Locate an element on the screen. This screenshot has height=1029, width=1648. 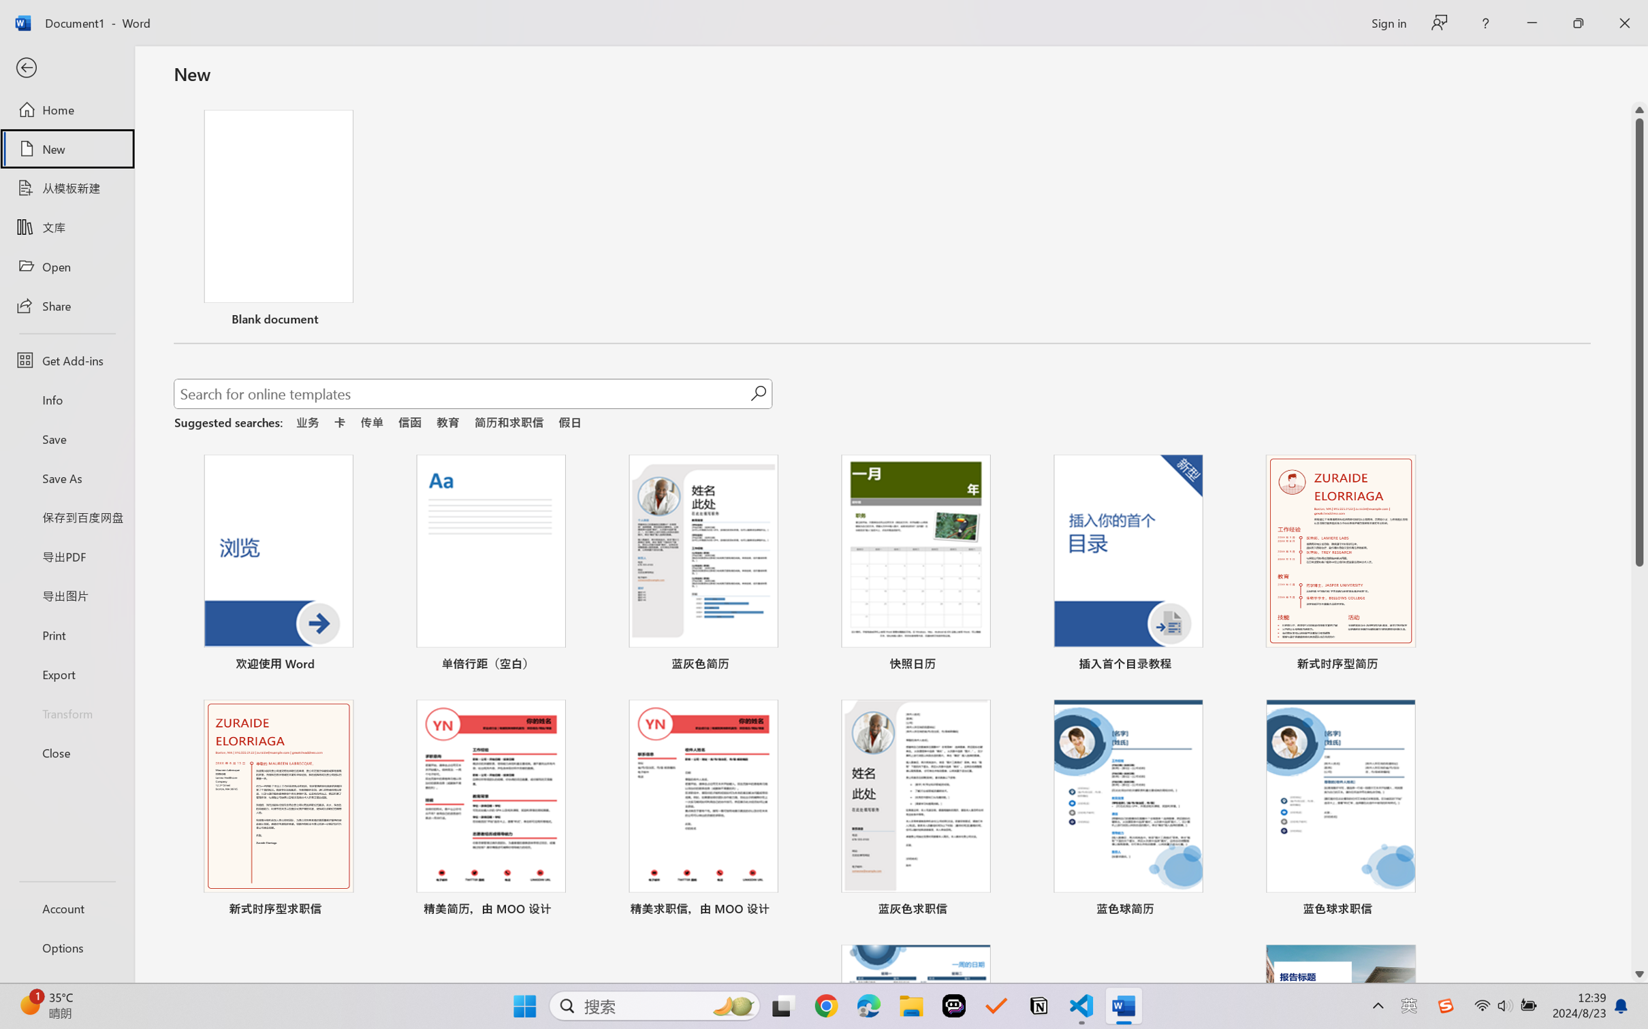
'New' is located at coordinates (66, 148).